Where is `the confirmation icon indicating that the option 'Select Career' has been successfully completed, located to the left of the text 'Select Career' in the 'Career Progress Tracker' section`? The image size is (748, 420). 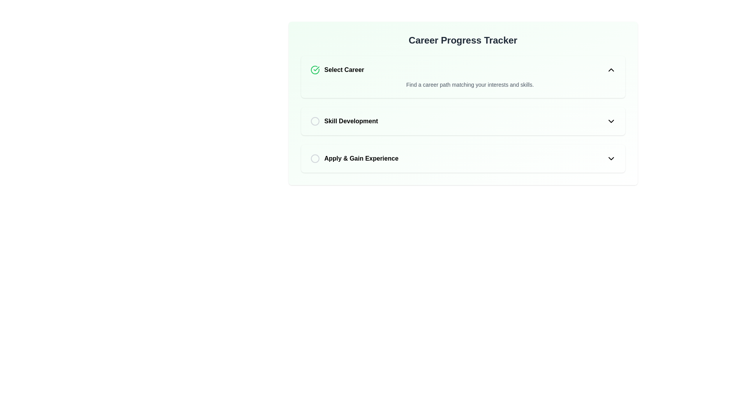 the confirmation icon indicating that the option 'Select Career' has been successfully completed, located to the left of the text 'Select Career' in the 'Career Progress Tracker' section is located at coordinates (315, 70).